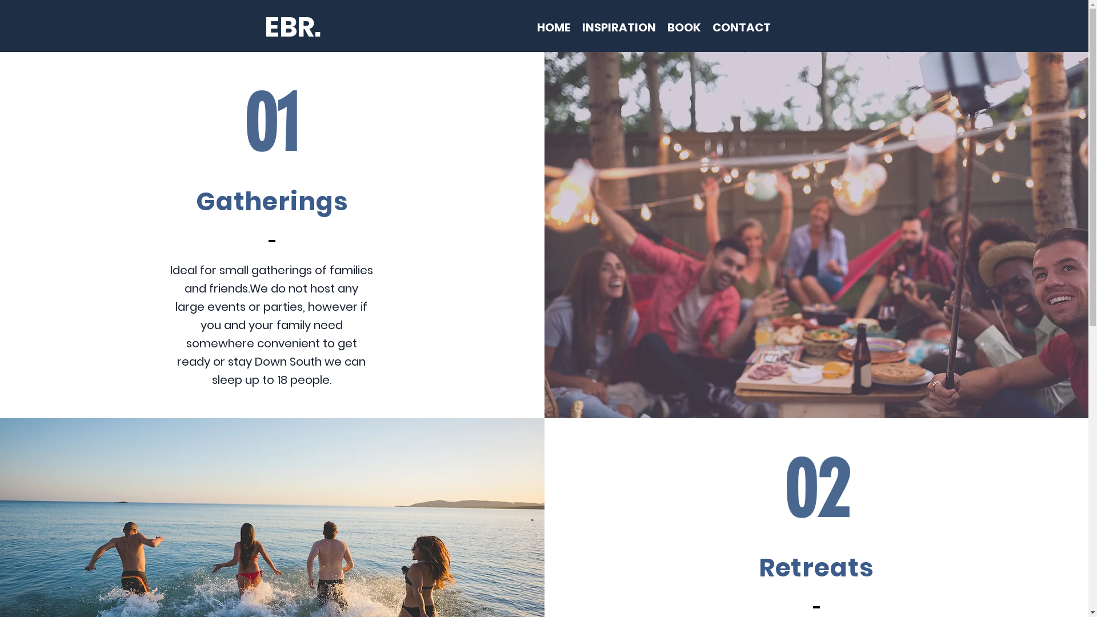 The image size is (1097, 617). I want to click on 'HOME', so click(554, 26).